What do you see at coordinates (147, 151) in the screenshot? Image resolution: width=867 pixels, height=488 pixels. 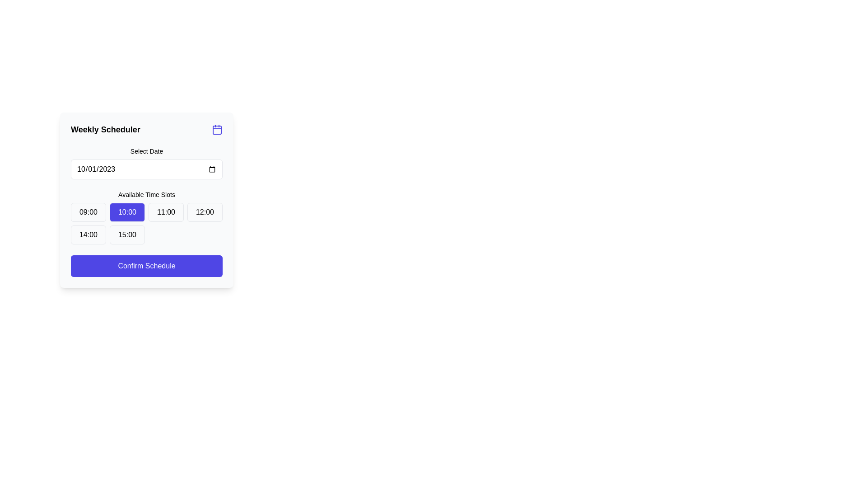 I see `the 'Select Date' label element, which is styled in a small, bold font and displayed in medium gray, located above the date input field in the scheduling interface` at bounding box center [147, 151].